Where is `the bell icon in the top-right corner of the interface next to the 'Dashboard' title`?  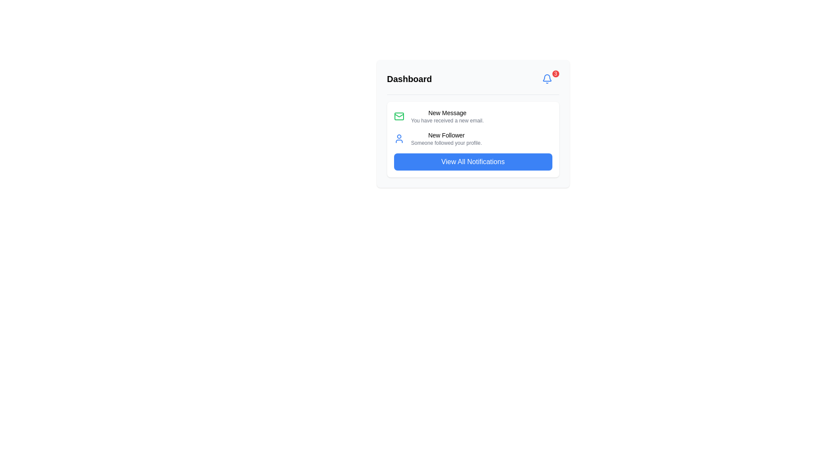
the bell icon in the top-right corner of the interface next to the 'Dashboard' title is located at coordinates (546, 79).